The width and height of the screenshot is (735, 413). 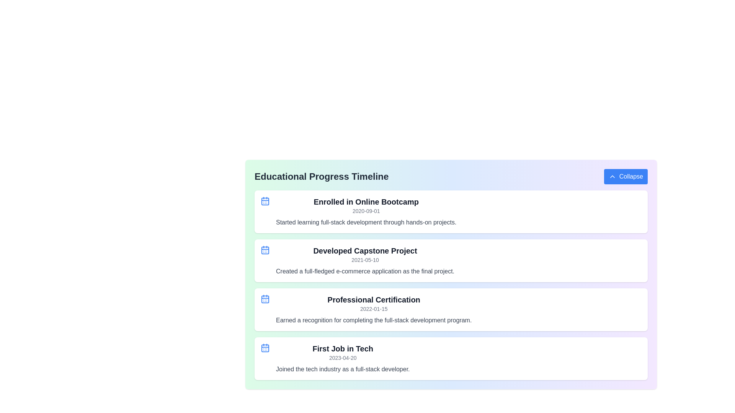 What do you see at coordinates (374, 320) in the screenshot?
I see `the text label that reads 'Earned a recognition for completing the full-stack development program.' which is part of the educational achievement timeline under the 'Professional Certification' section` at bounding box center [374, 320].